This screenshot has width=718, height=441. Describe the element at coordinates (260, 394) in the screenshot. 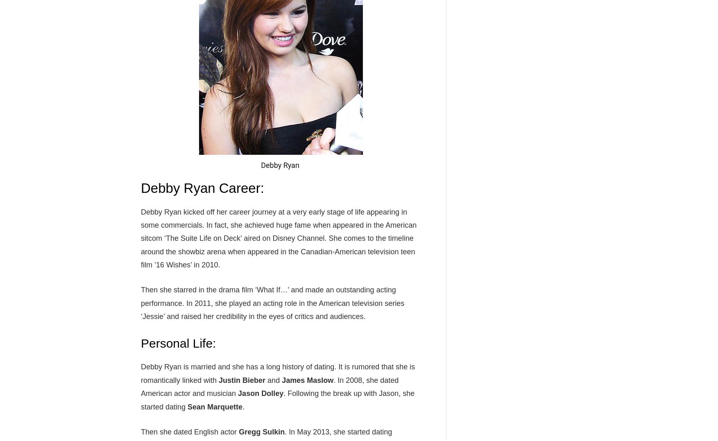

I see `'Jason Dolley'` at that location.